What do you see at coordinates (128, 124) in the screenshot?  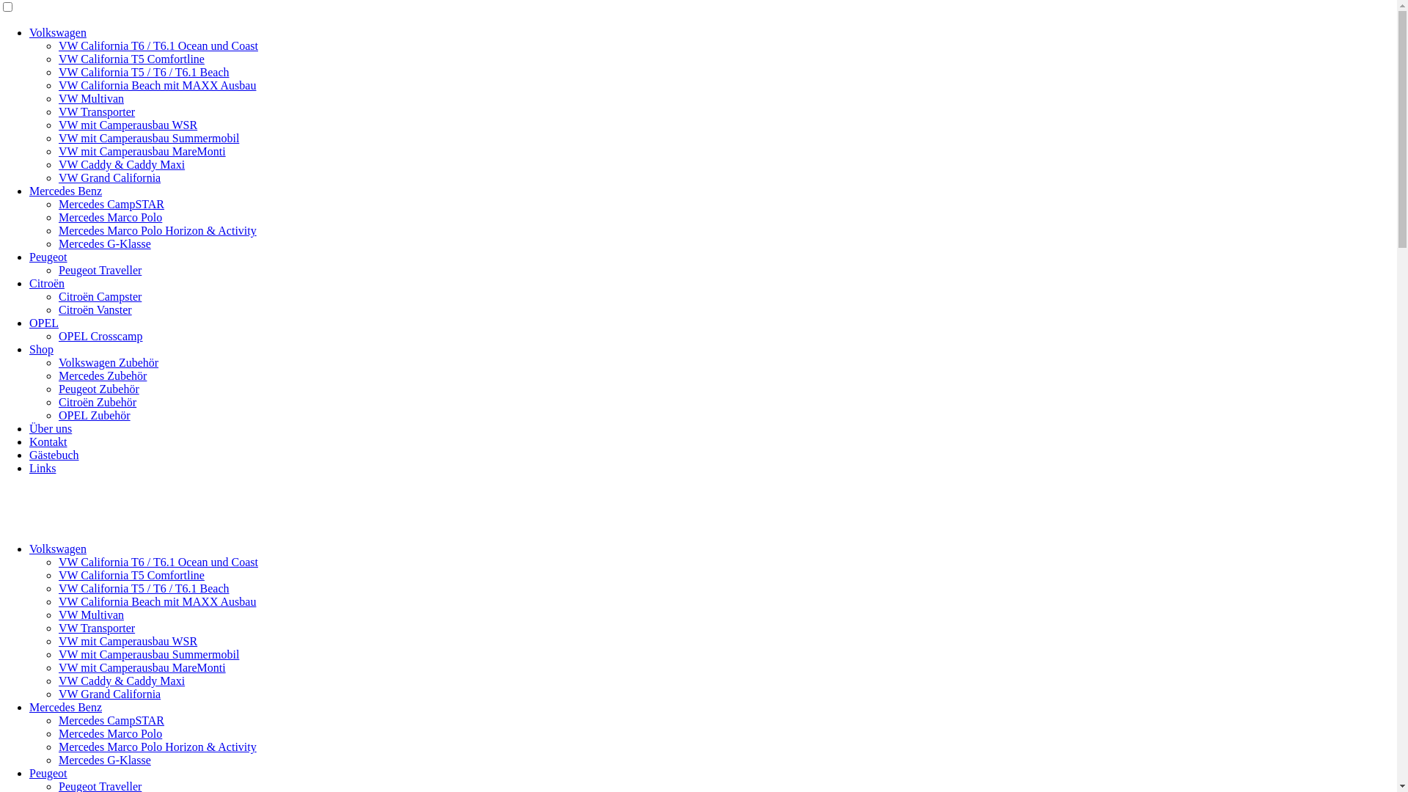 I see `'VW mit Camperausbau WSR'` at bounding box center [128, 124].